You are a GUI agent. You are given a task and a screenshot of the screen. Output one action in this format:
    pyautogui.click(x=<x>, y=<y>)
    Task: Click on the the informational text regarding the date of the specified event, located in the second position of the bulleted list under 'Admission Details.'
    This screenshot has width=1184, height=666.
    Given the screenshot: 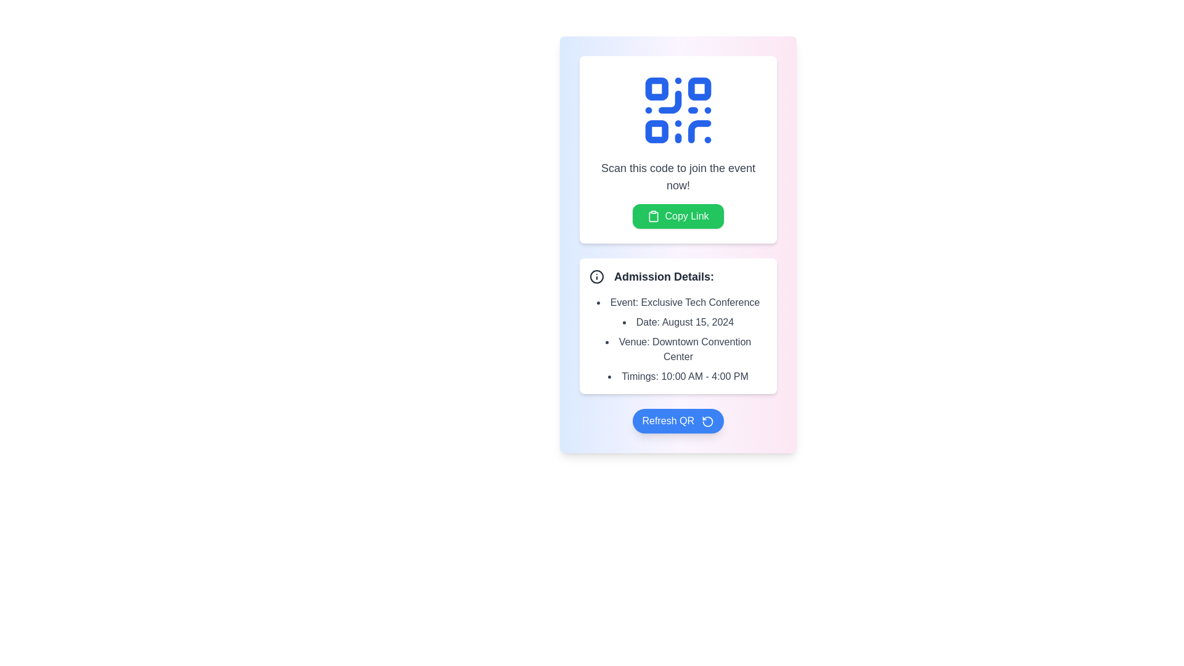 What is the action you would take?
    pyautogui.click(x=677, y=322)
    